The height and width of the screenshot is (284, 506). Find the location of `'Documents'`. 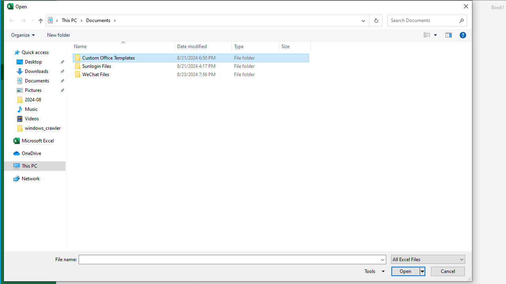

'Documents' is located at coordinates (101, 20).